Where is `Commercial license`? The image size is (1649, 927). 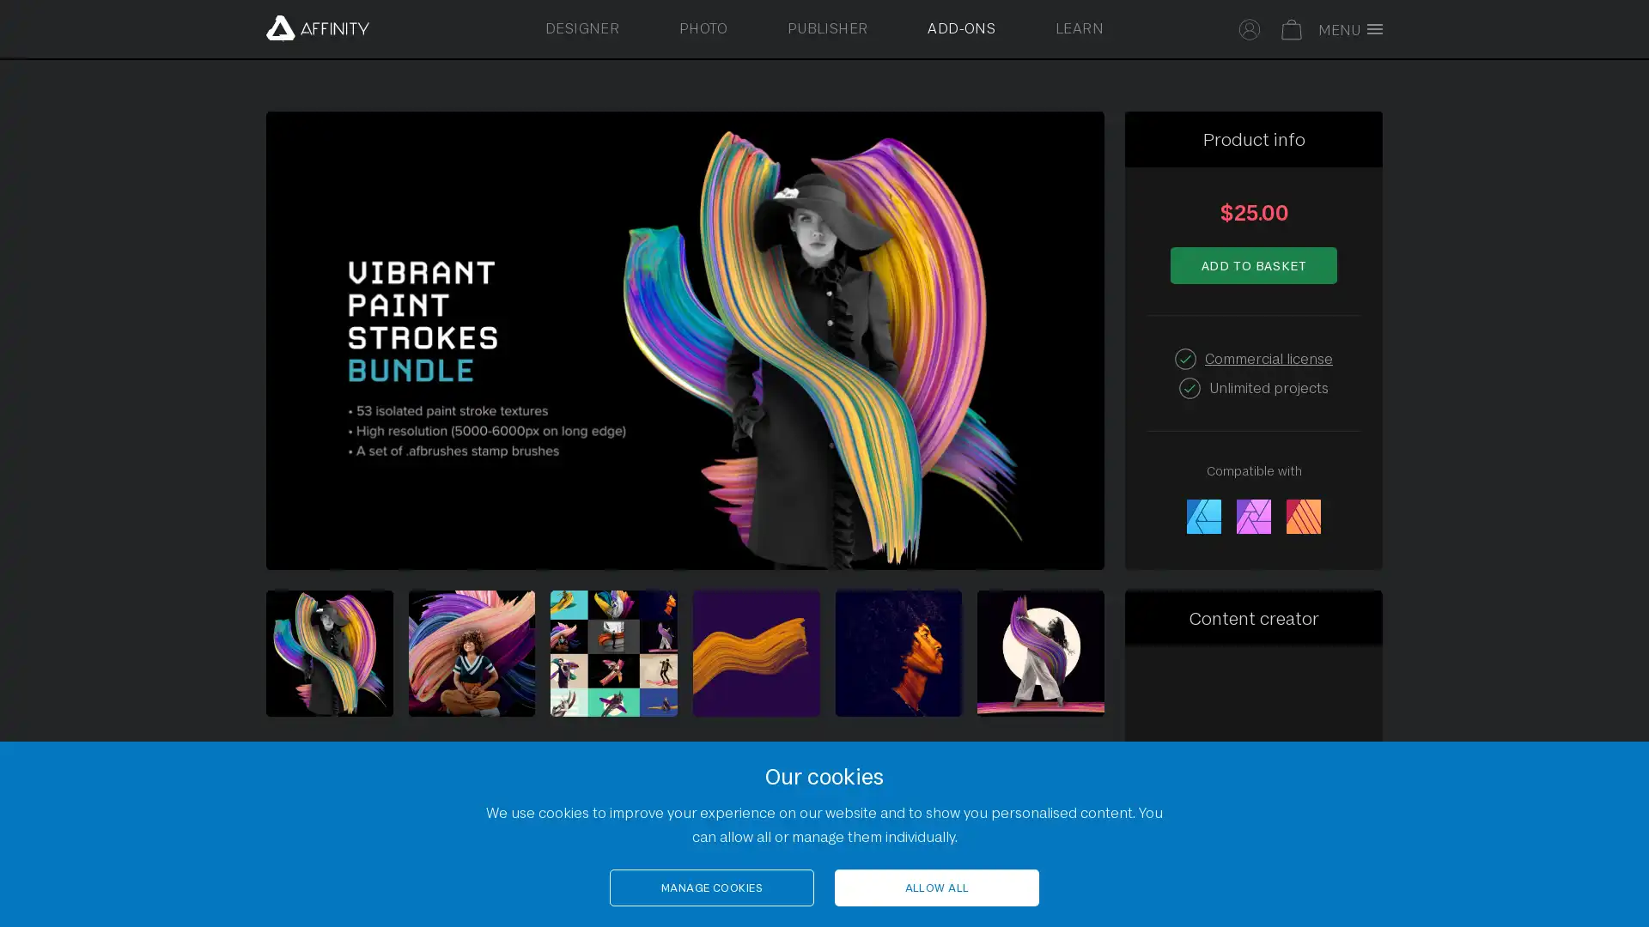 Commercial license is located at coordinates (1269, 356).